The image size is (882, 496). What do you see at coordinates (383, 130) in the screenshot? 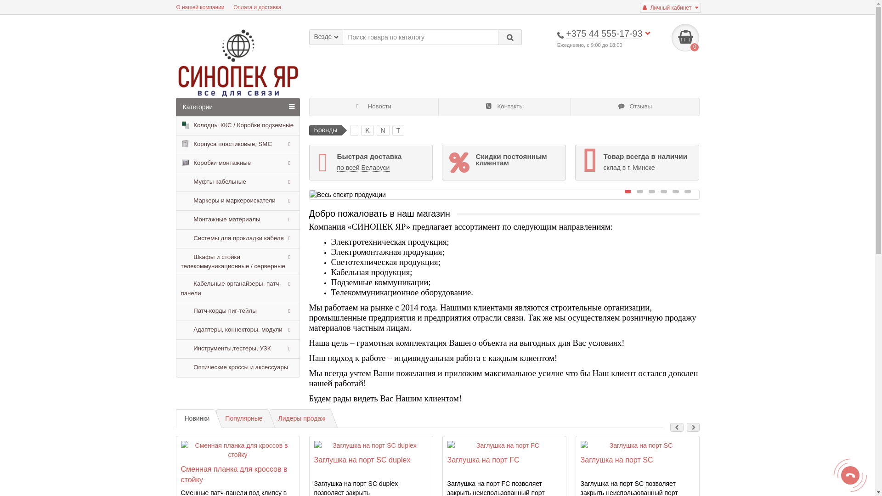
I see `'N'` at bounding box center [383, 130].